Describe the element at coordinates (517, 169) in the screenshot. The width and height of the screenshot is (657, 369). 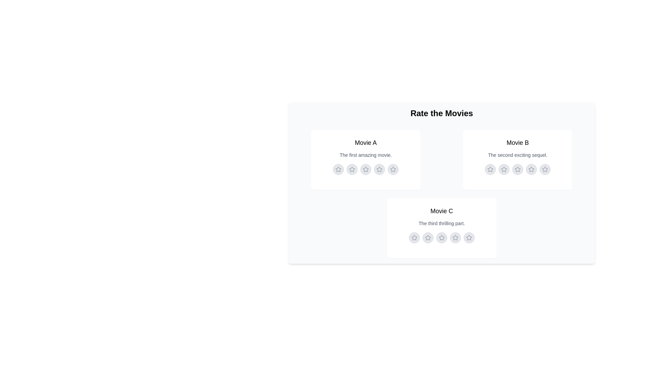
I see `the pointer through the second star in the 5-star rating scale for 'Movie B'` at that location.